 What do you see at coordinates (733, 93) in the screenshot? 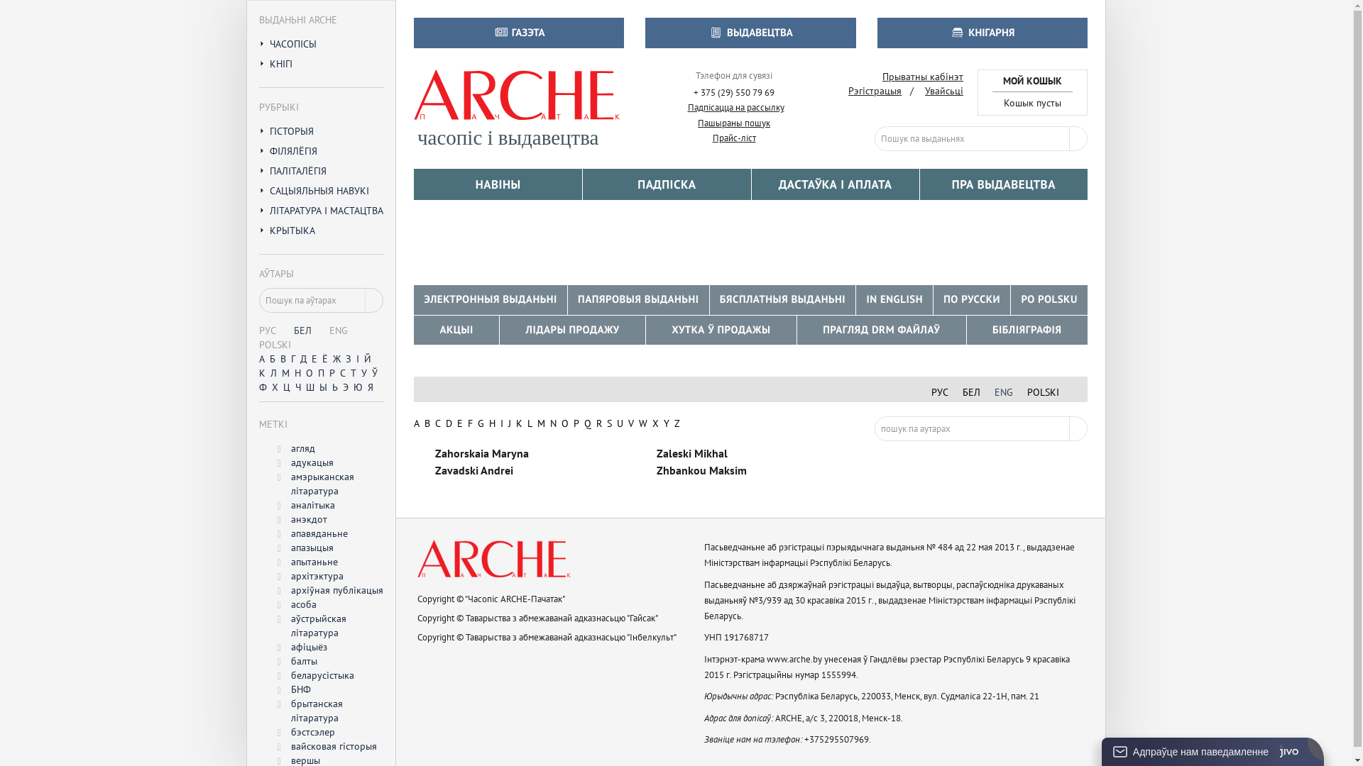
I see `'+ 375 (29) 550 79 69'` at bounding box center [733, 93].